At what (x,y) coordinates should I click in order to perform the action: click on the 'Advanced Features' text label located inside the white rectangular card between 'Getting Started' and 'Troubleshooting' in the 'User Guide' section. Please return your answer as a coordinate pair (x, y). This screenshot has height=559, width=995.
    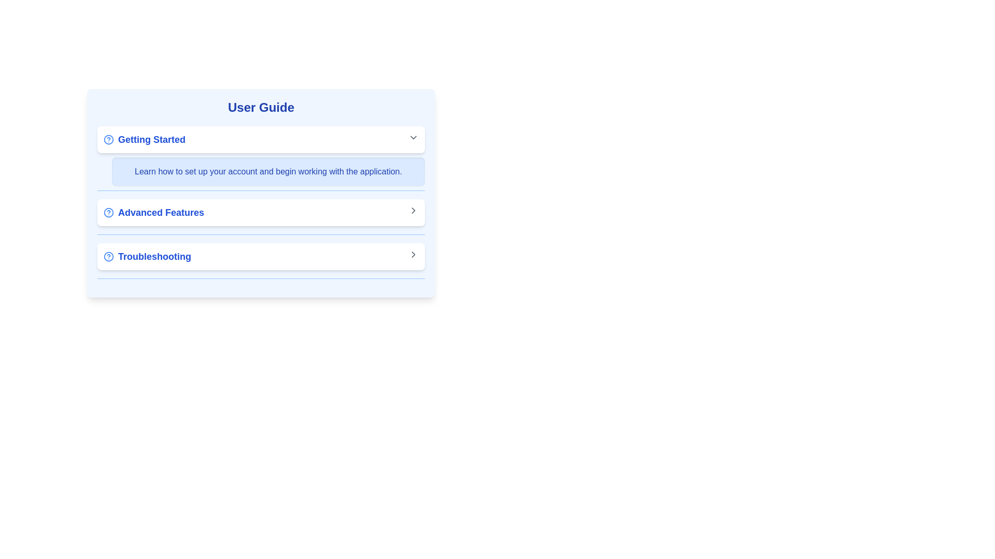
    Looking at the image, I should click on (153, 212).